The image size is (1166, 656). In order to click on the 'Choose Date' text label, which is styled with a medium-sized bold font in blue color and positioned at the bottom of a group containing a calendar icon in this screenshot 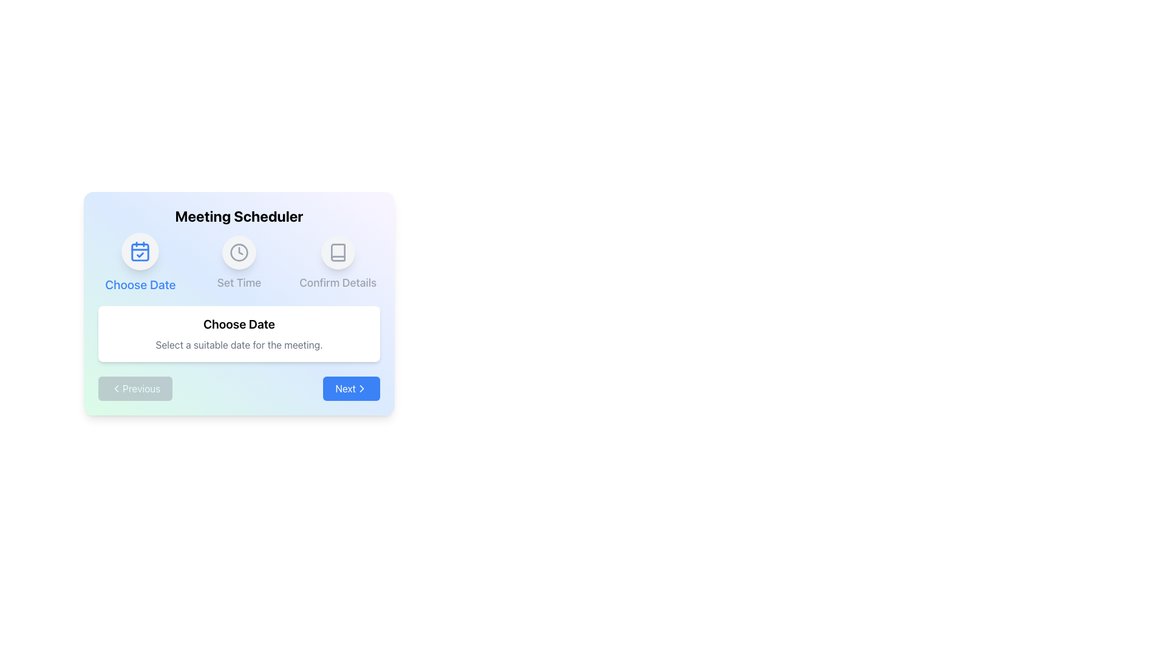, I will do `click(140, 285)`.